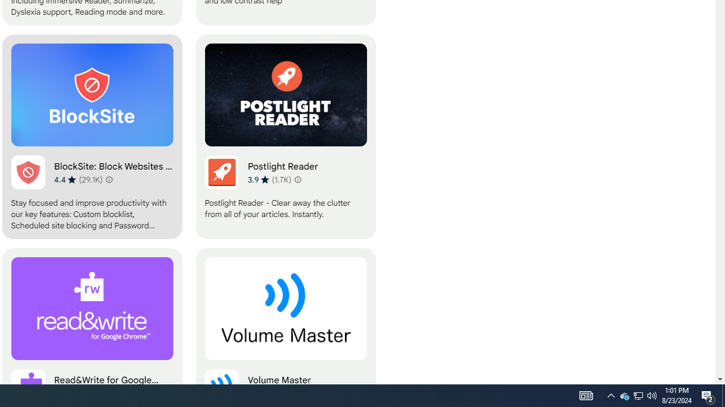 This screenshot has height=407, width=725. I want to click on 'Average rating 3.9 out of 5 stars. 1.7K ratings.', so click(268, 179).